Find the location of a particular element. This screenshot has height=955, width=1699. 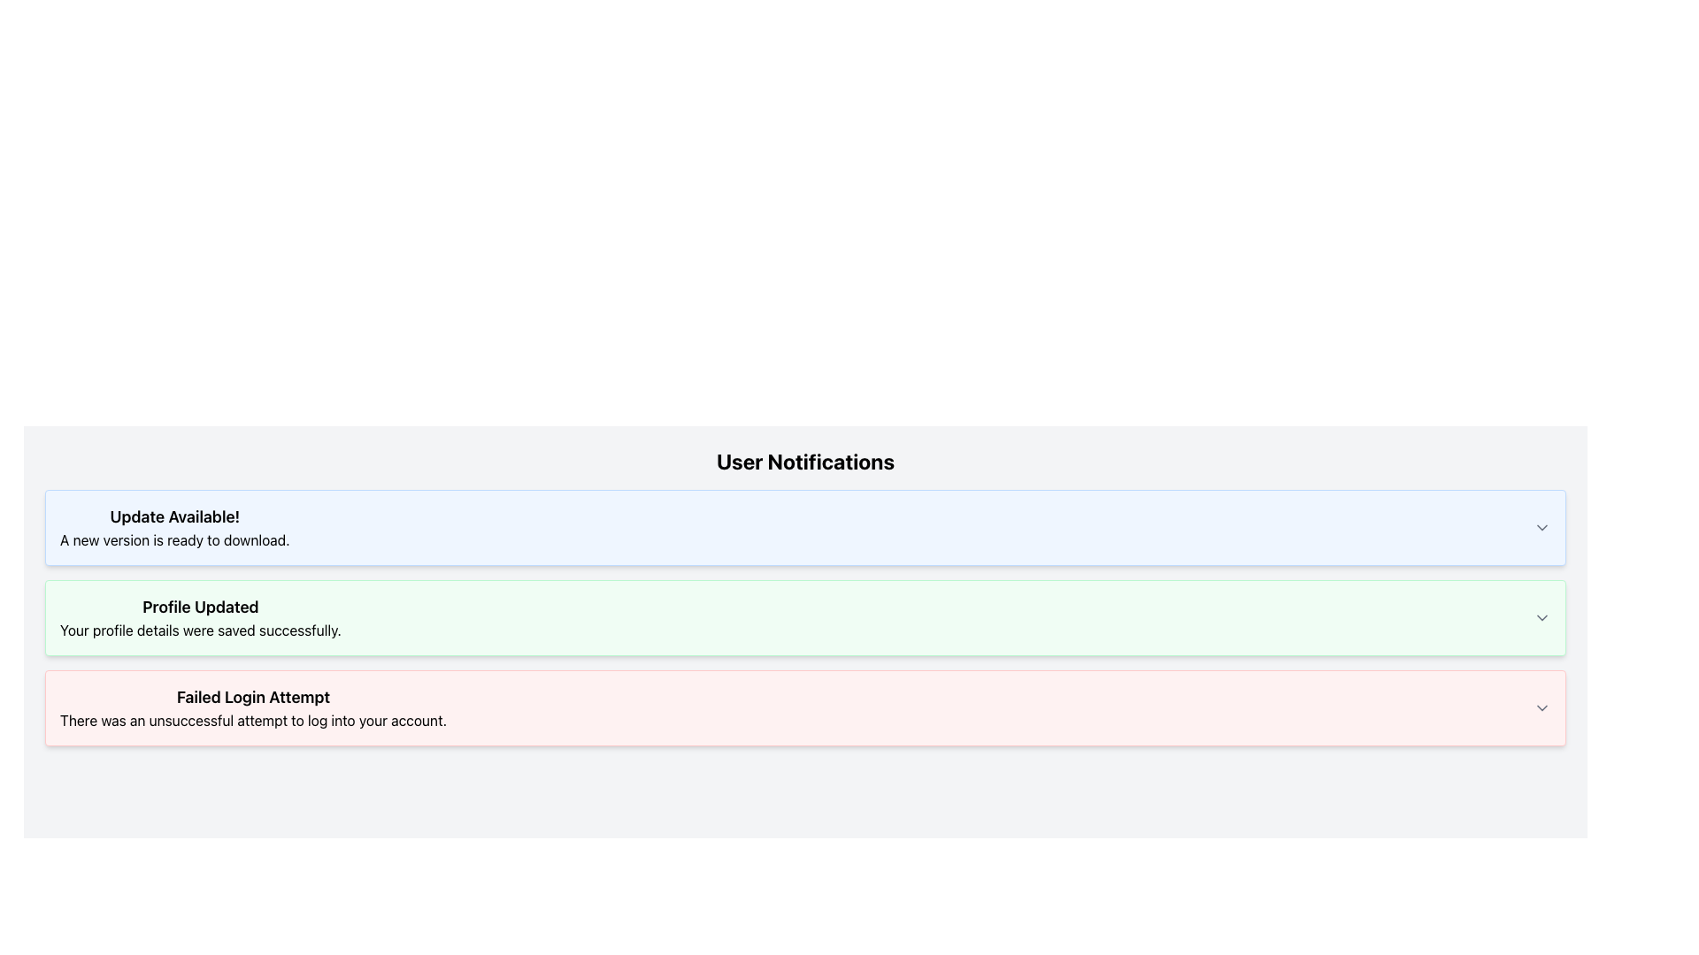

the small downward-pointing chevron icon located at the far right of the 'Failed Login Attempt' notification box is located at coordinates (1541, 707).